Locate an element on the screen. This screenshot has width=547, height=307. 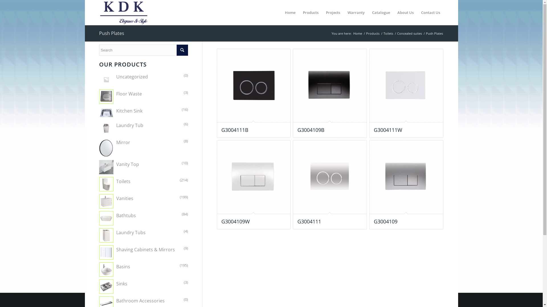
'Toilets' is located at coordinates (382, 33).